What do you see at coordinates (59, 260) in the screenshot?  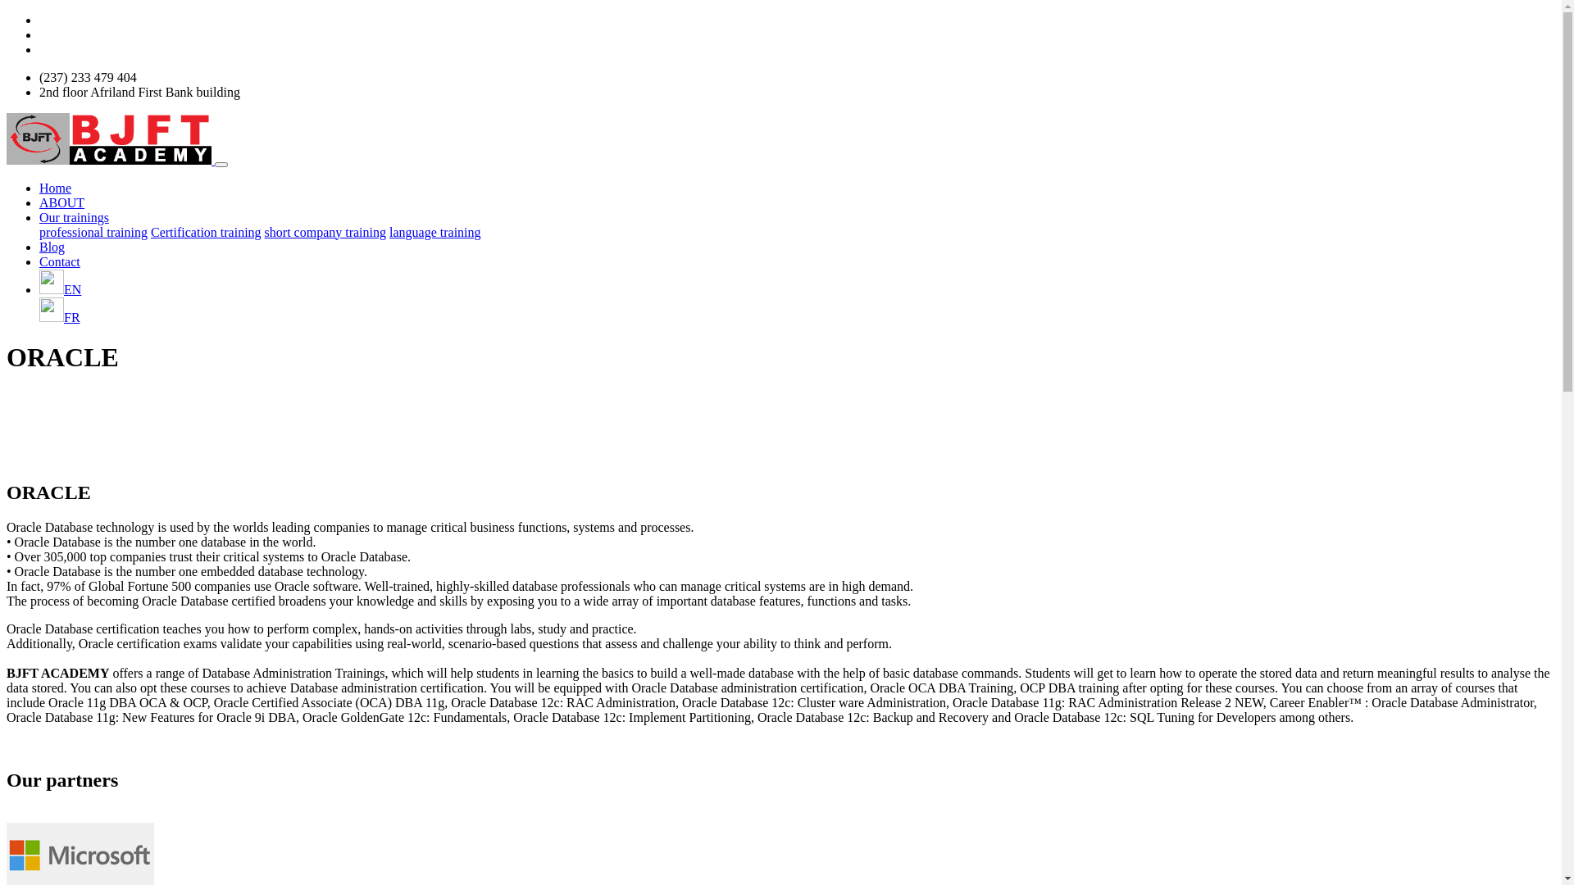 I see `'Contact'` at bounding box center [59, 260].